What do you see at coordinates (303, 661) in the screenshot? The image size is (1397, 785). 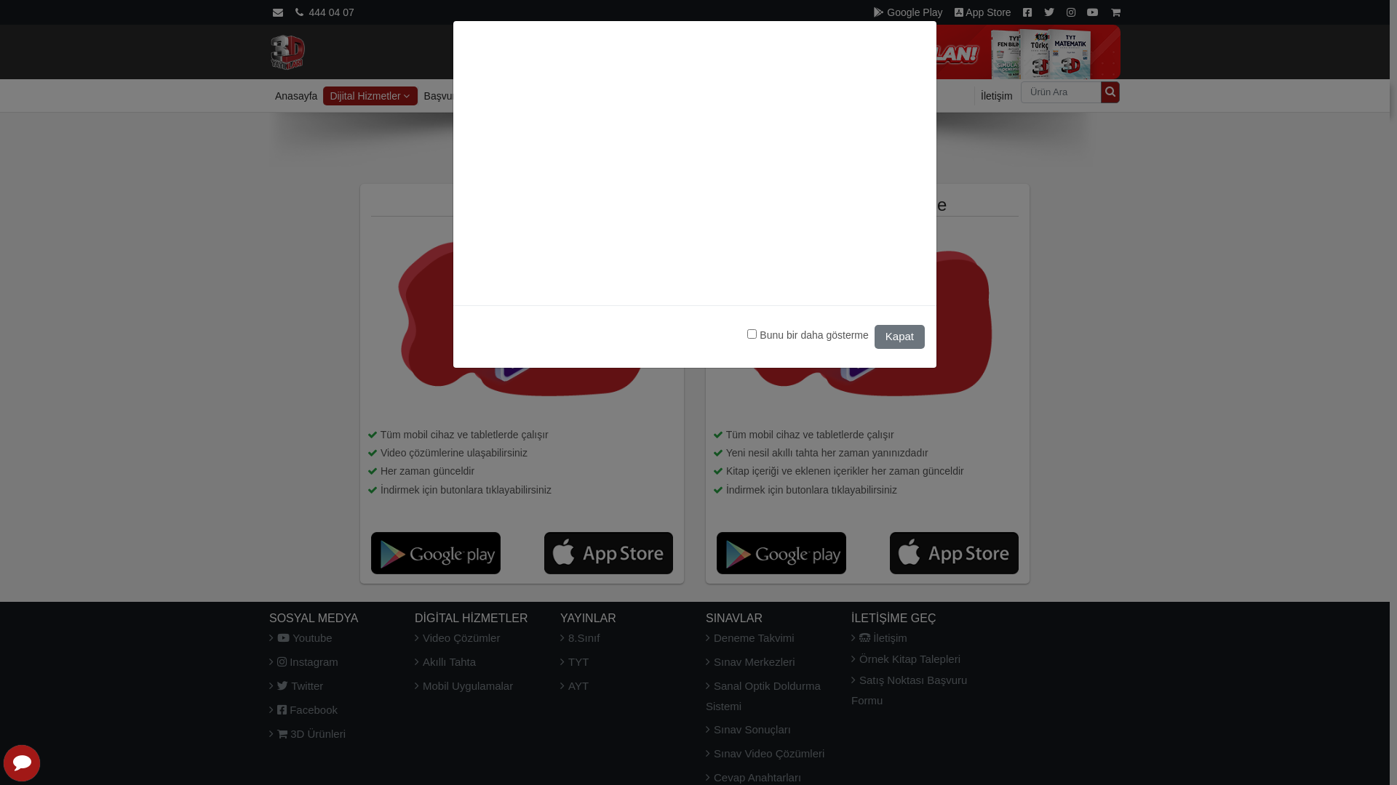 I see `'Instagram'` at bounding box center [303, 661].